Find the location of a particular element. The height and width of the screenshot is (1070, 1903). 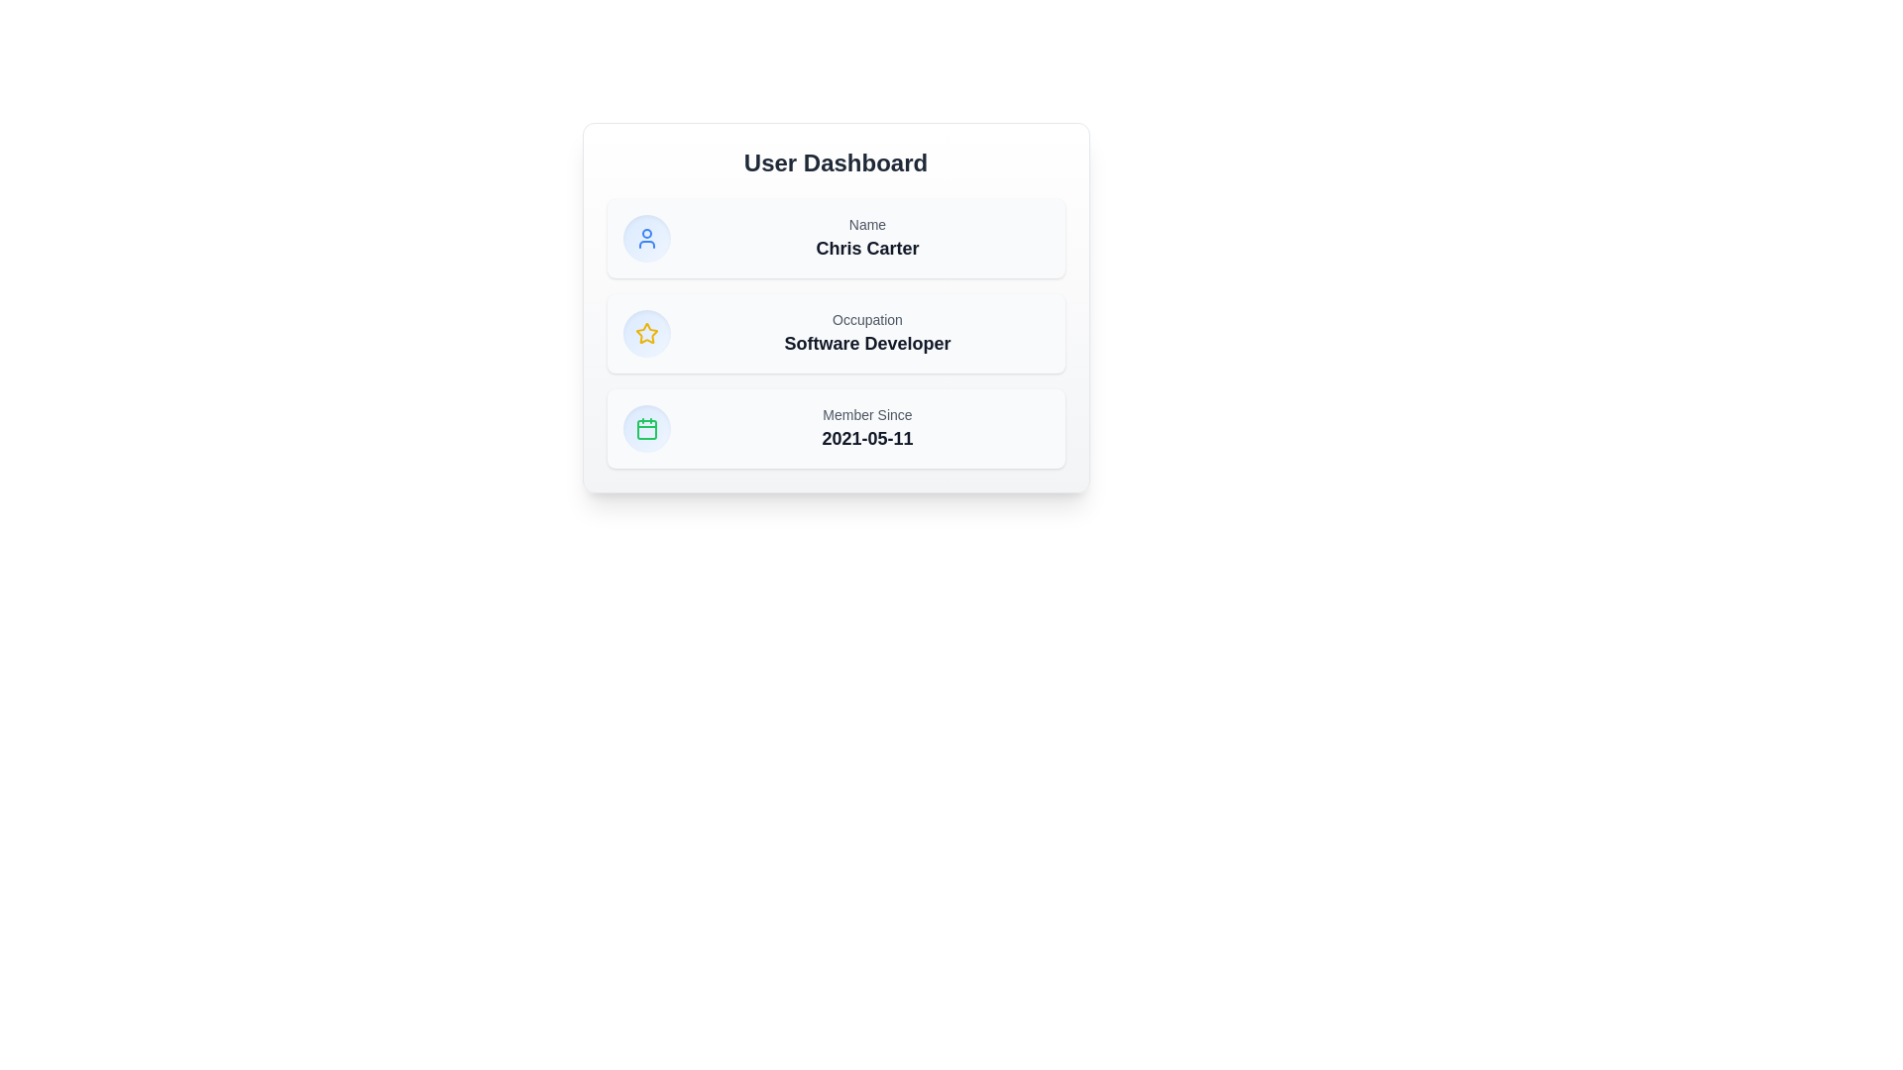

the 'Name' text label which displays the word 'Name' in gray color, small font size, and is aligned left, located above the text 'Chris Carter.' is located at coordinates (867, 224).